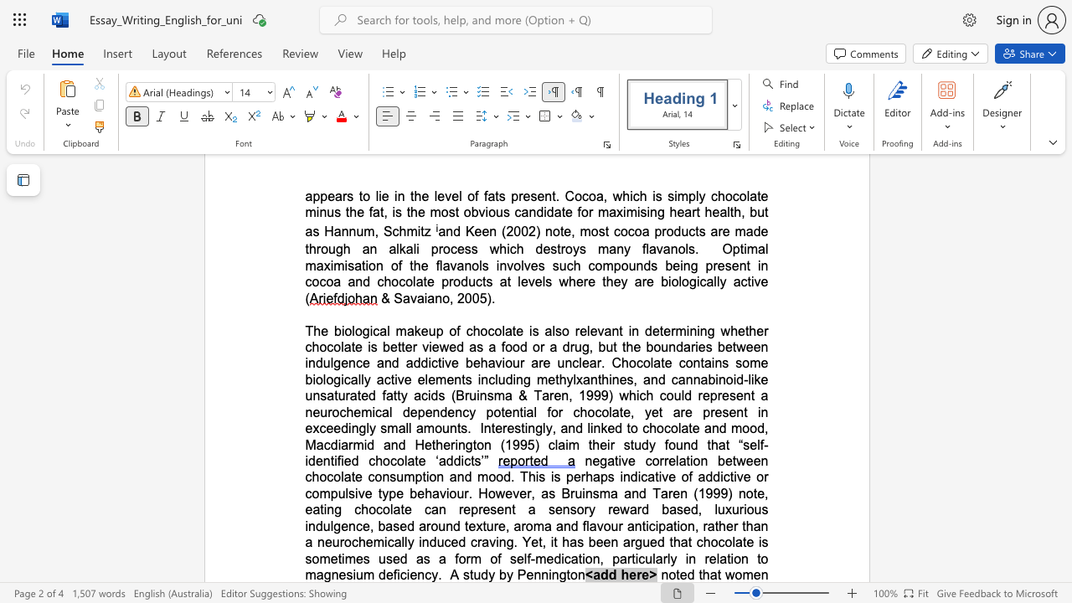 The width and height of the screenshot is (1072, 603). What do you see at coordinates (498, 574) in the screenshot?
I see `the subset text "by Penningt" within the text "A study by Pennington"` at bounding box center [498, 574].